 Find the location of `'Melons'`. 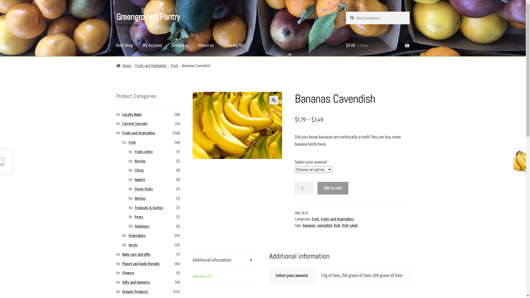

'Melons' is located at coordinates (140, 198).